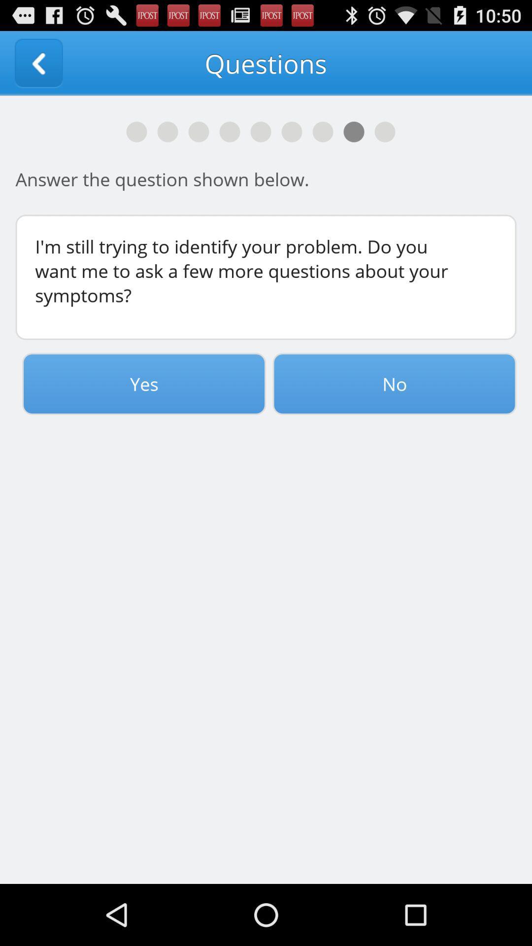 This screenshot has width=532, height=946. Describe the element at coordinates (394, 383) in the screenshot. I see `button to the right of the yes item` at that location.